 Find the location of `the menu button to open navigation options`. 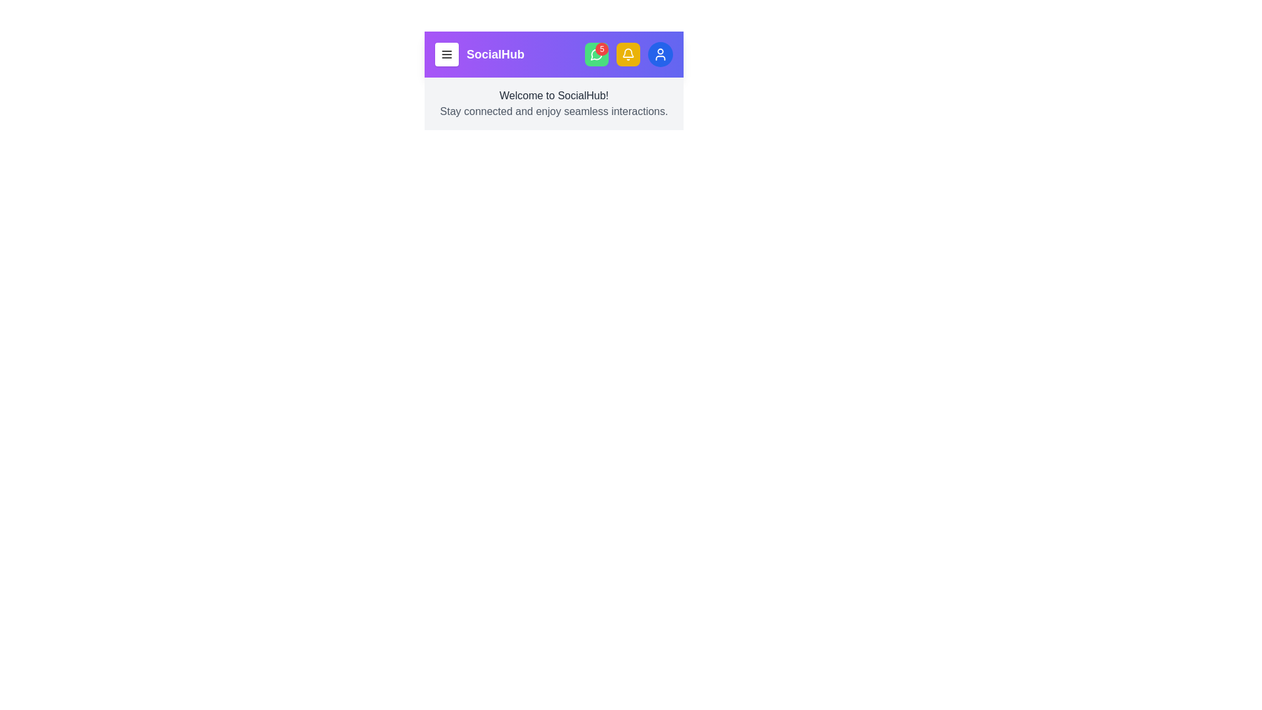

the menu button to open navigation options is located at coordinates (447, 54).